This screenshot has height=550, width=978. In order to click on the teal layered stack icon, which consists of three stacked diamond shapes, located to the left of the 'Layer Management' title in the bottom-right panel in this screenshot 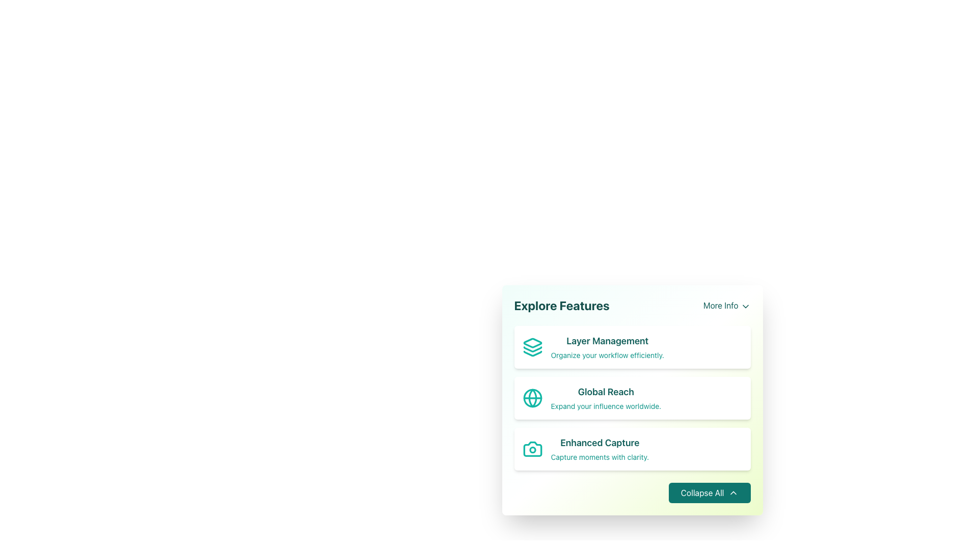, I will do `click(532, 347)`.